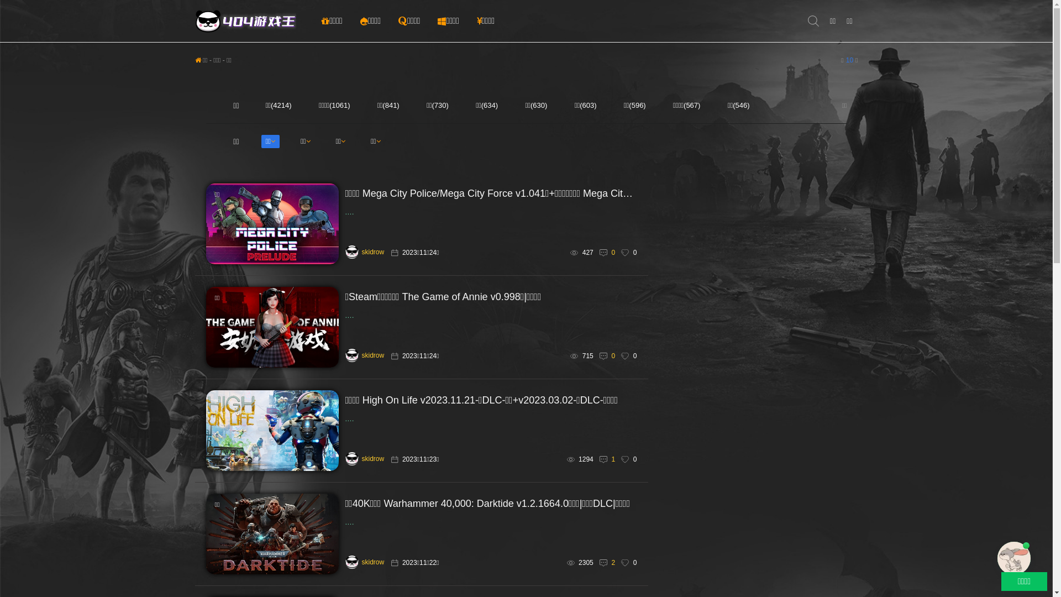 The width and height of the screenshot is (1061, 597). I want to click on '2', so click(612, 563).